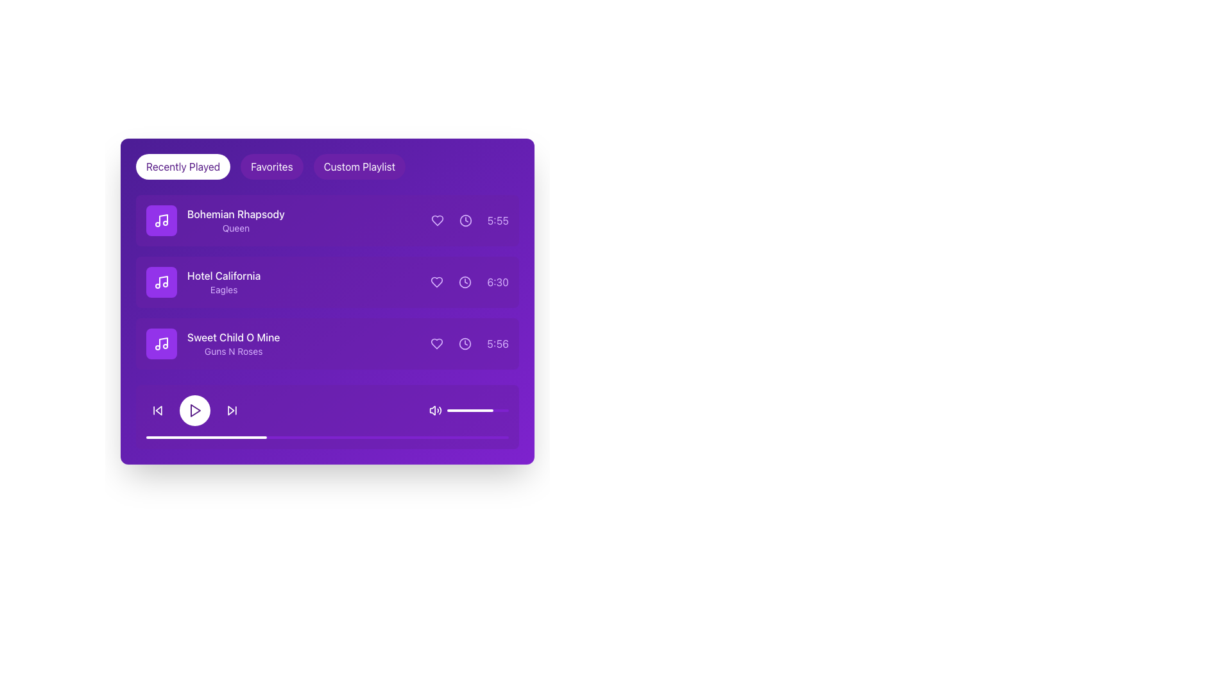 The width and height of the screenshot is (1232, 693). Describe the element at coordinates (437, 343) in the screenshot. I see `the favorite icon located in the third listing item of the playlist, which is positioned to the left of the duration text '5:56'` at that location.